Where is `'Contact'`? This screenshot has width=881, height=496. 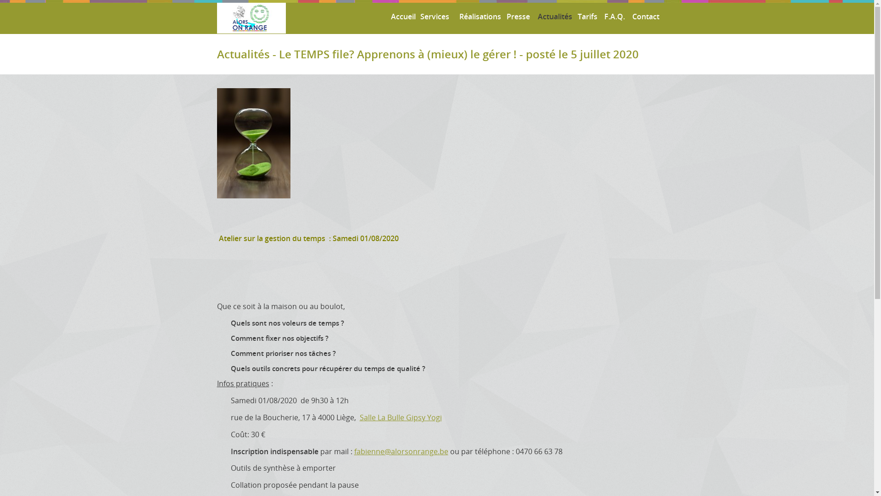 'Contact' is located at coordinates (643, 16).